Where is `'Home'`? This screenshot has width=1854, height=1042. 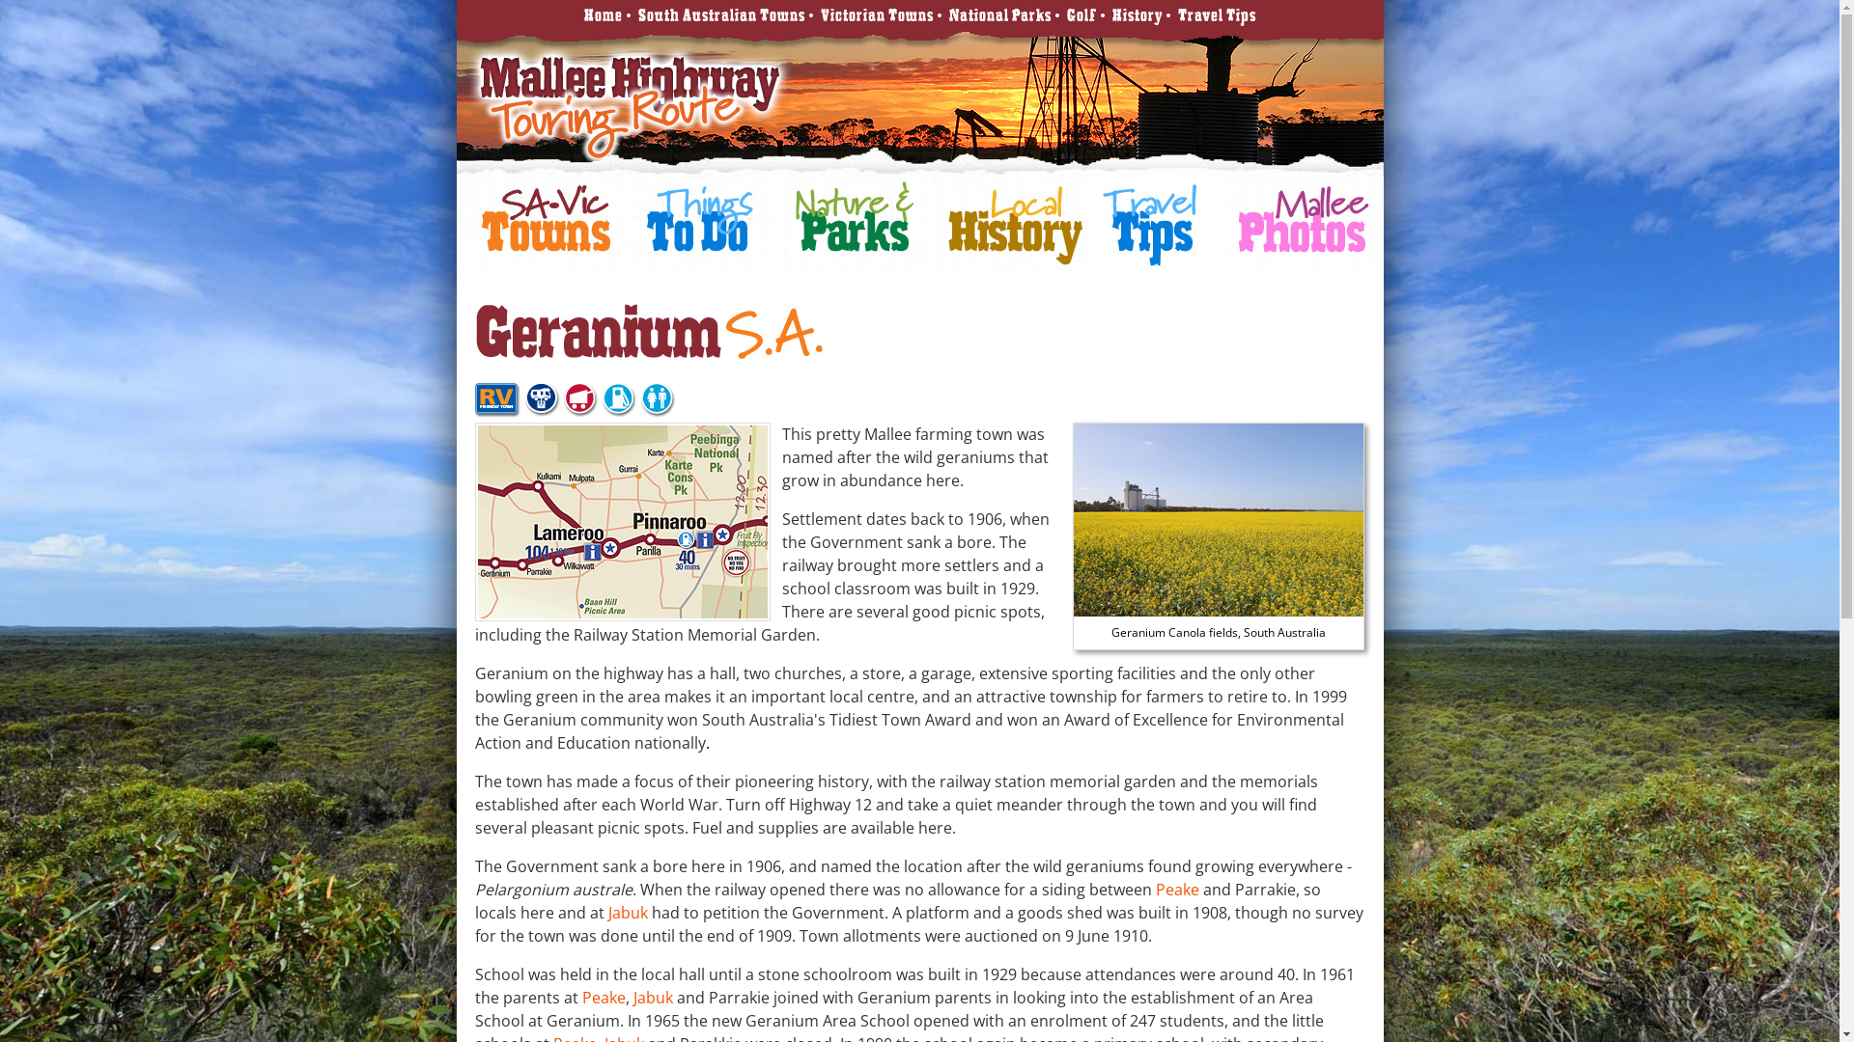
'Home' is located at coordinates (602, 14).